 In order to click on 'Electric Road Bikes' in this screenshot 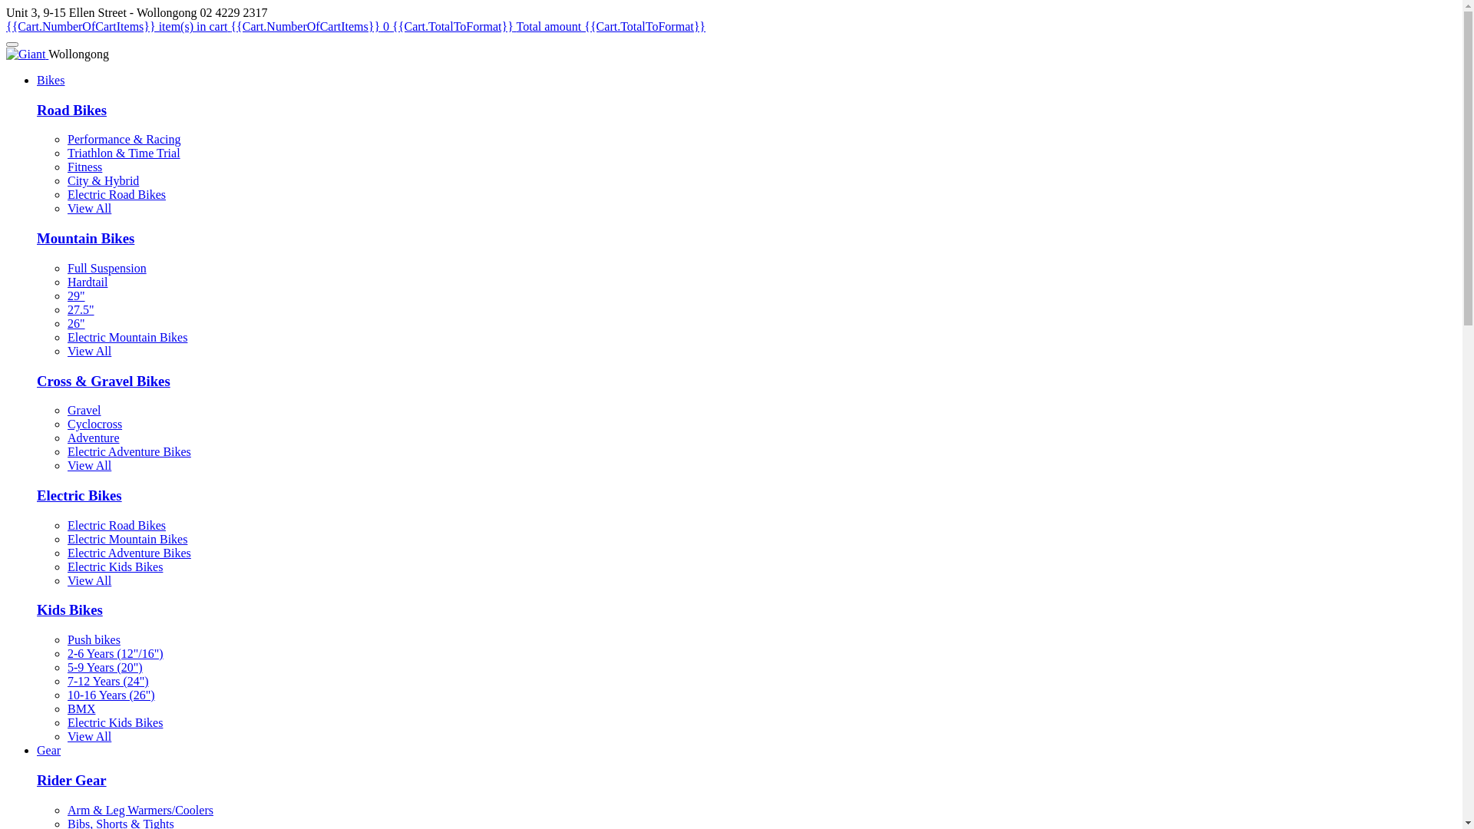, I will do `click(66, 193)`.